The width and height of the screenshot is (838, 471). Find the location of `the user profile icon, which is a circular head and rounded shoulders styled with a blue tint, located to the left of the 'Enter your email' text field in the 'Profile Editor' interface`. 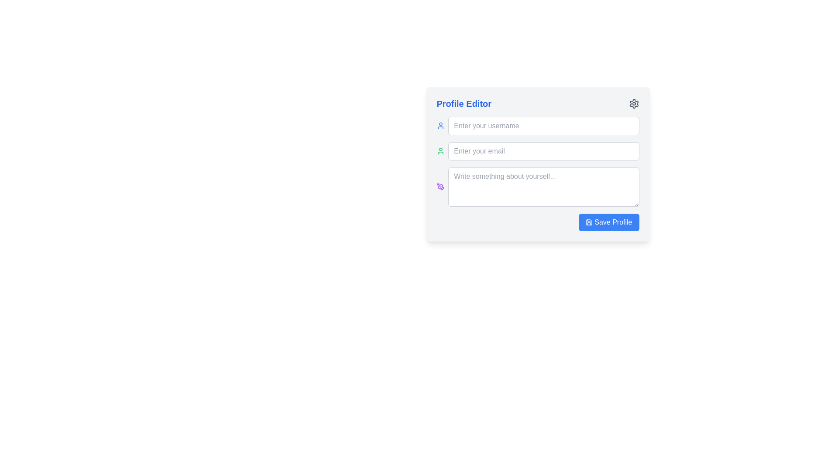

the user profile icon, which is a circular head and rounded shoulders styled with a blue tint, located to the left of the 'Enter your email' text field in the 'Profile Editor' interface is located at coordinates (440, 126).